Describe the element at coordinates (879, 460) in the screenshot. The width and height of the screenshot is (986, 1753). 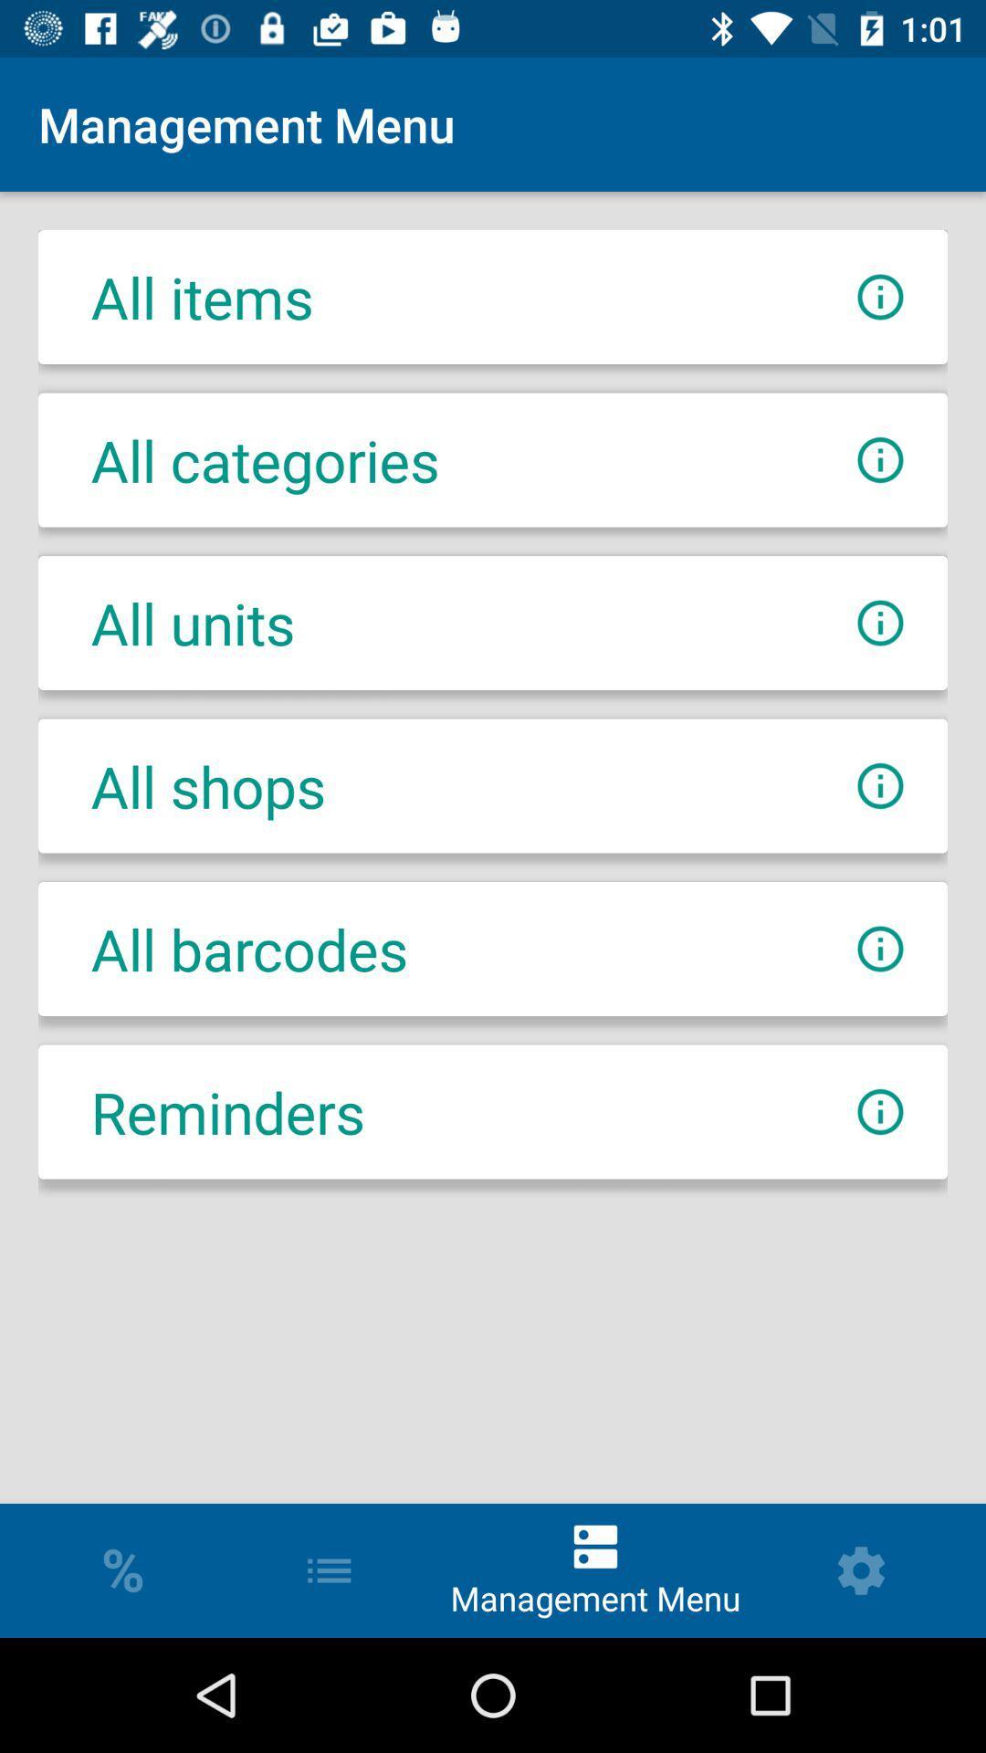
I see `more info about category` at that location.